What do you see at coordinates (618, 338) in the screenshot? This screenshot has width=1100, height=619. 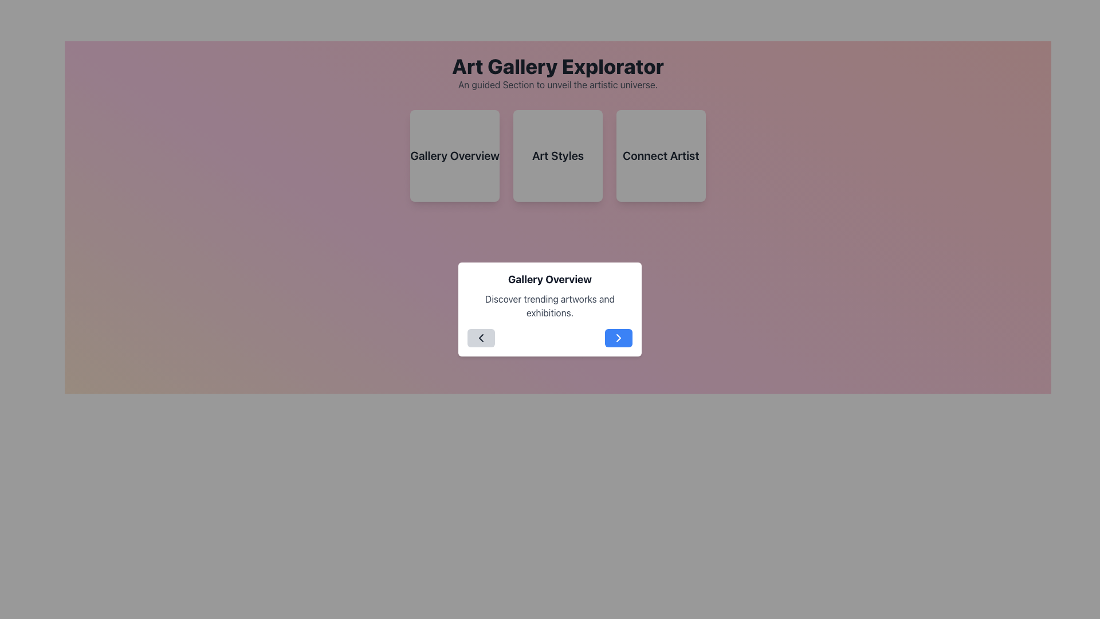 I see `the blue rectangular button with a rightward-pointing chevron icon located at the bottom right of the white popup box` at bounding box center [618, 338].